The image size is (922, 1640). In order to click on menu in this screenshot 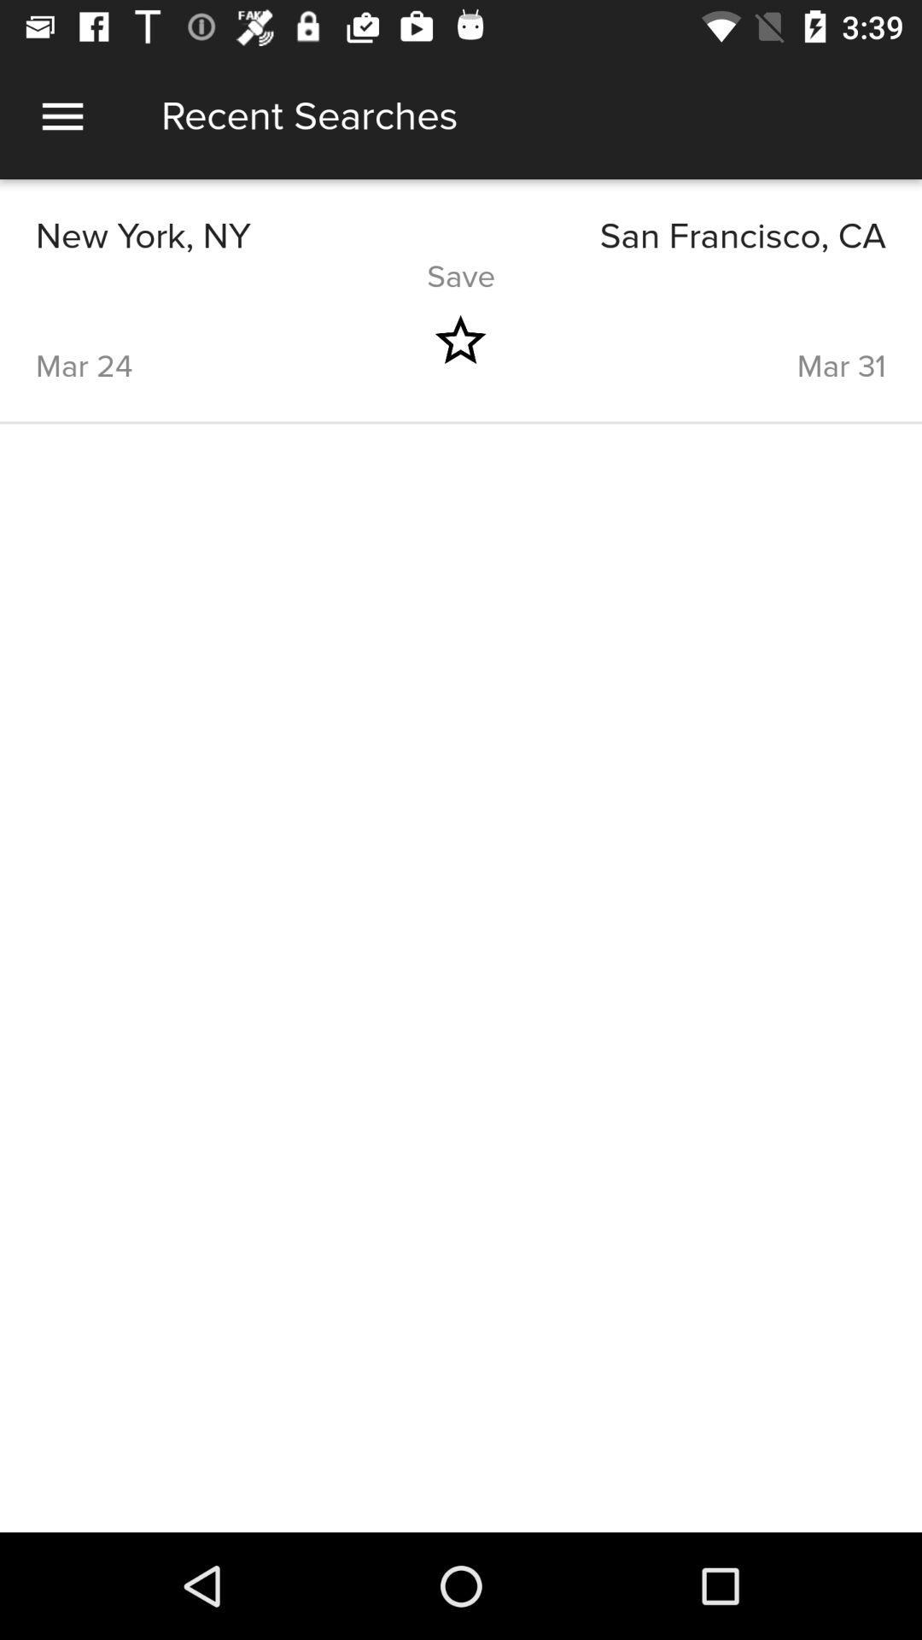, I will do `click(61, 115)`.